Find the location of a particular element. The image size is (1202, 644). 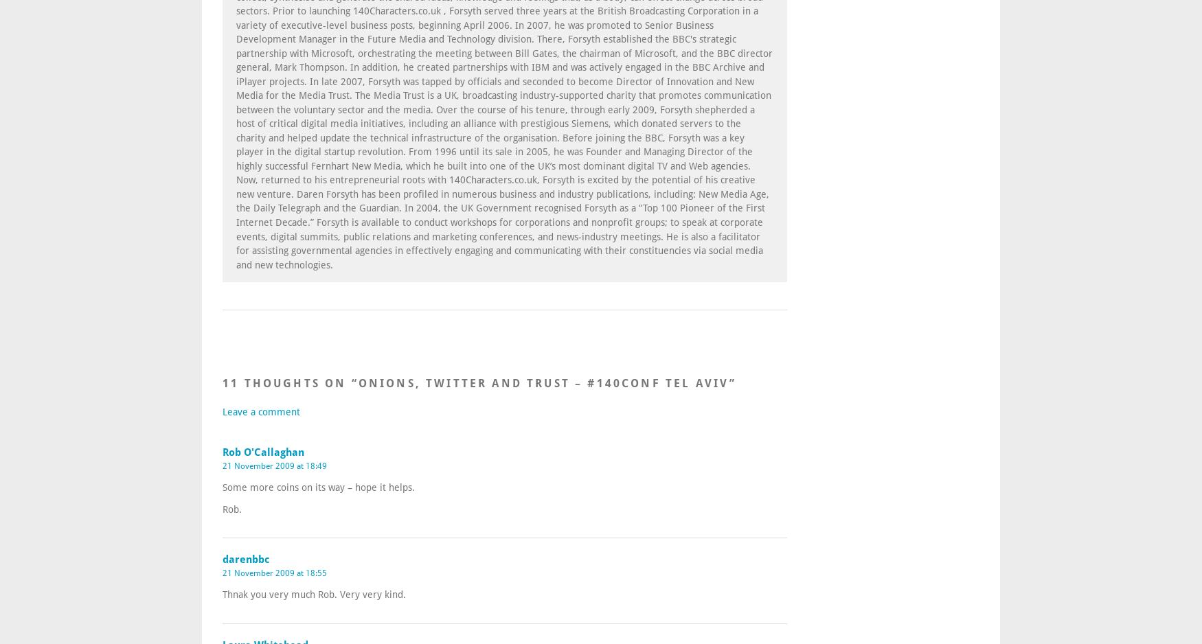

'Thnak you very much Rob. Very very kind.' is located at coordinates (314, 593).